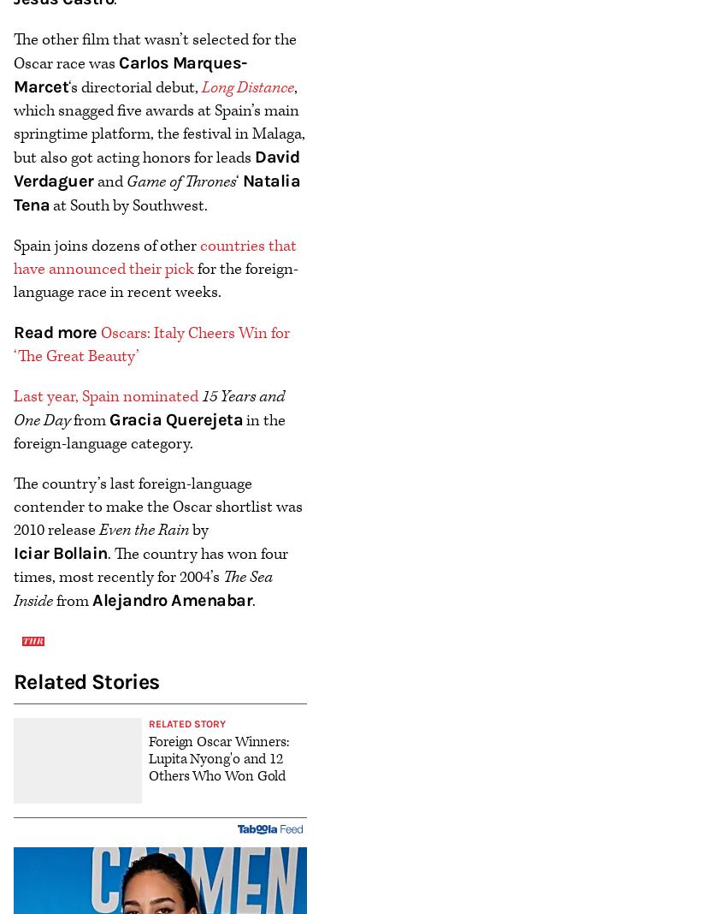 The width and height of the screenshot is (726, 914). I want to click on 'Gracia Querejeta', so click(174, 418).